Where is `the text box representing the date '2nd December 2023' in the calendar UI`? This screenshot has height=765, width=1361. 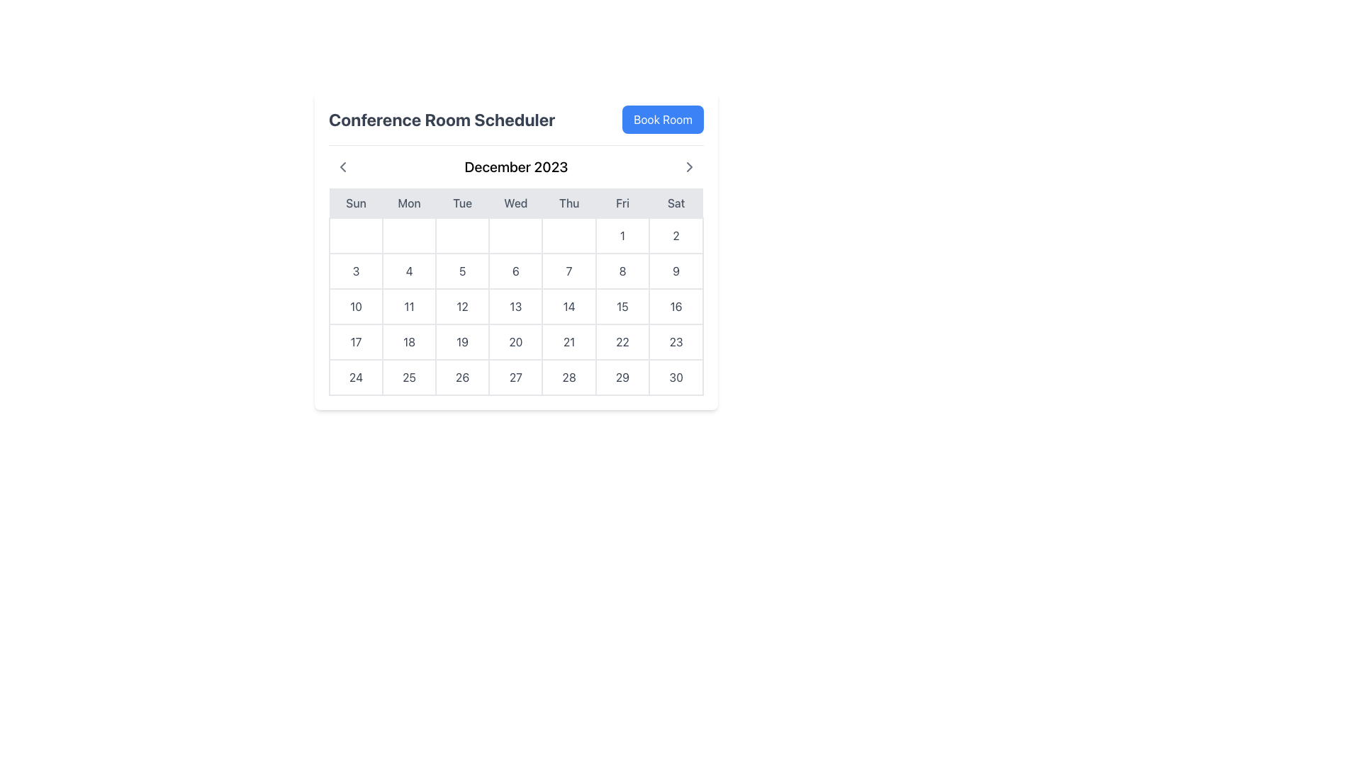 the text box representing the date '2nd December 2023' in the calendar UI is located at coordinates (676, 234).